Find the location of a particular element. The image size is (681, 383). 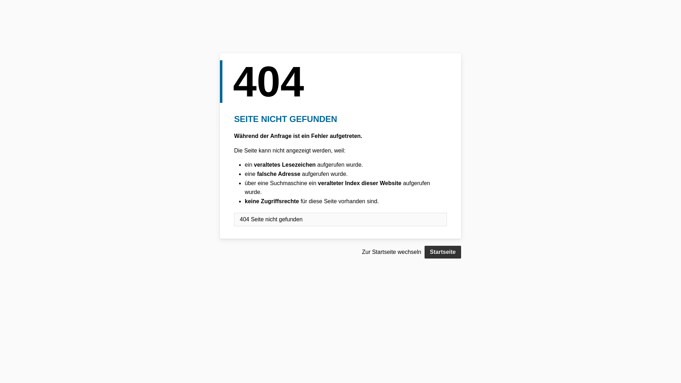

'Startseite' is located at coordinates (442, 251).